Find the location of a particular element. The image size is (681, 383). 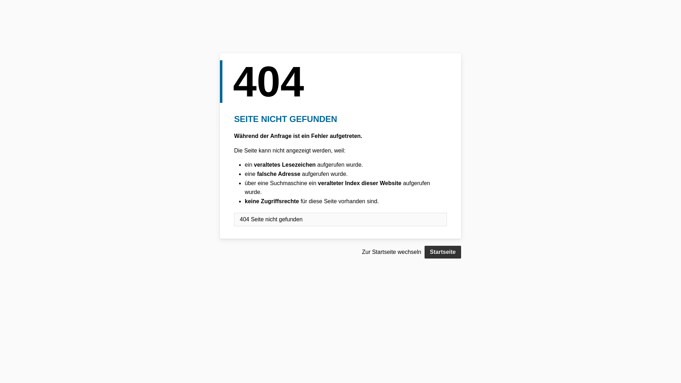

'Startseite' is located at coordinates (442, 251).